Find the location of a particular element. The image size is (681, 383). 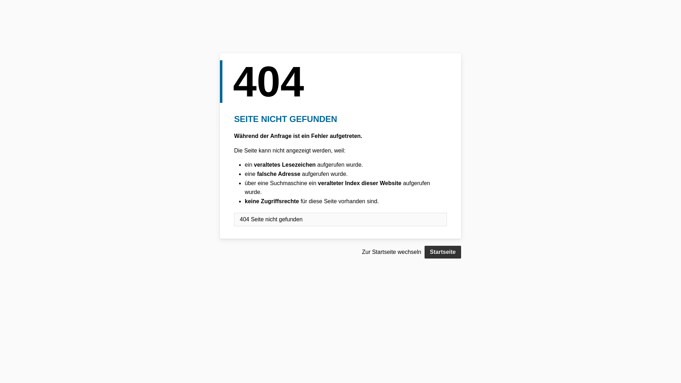

'Startseite' is located at coordinates (442, 251).